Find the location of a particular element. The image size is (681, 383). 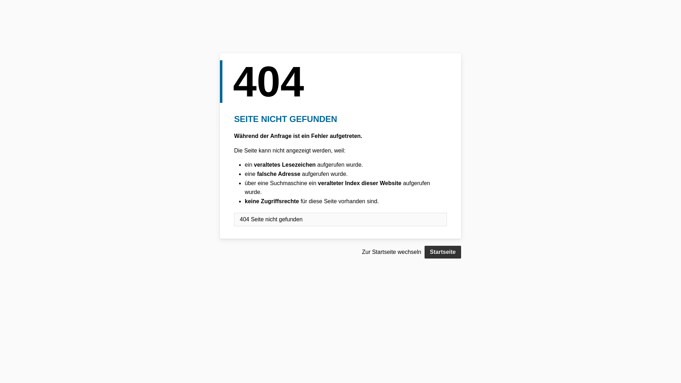

'Startseite' is located at coordinates (442, 251).